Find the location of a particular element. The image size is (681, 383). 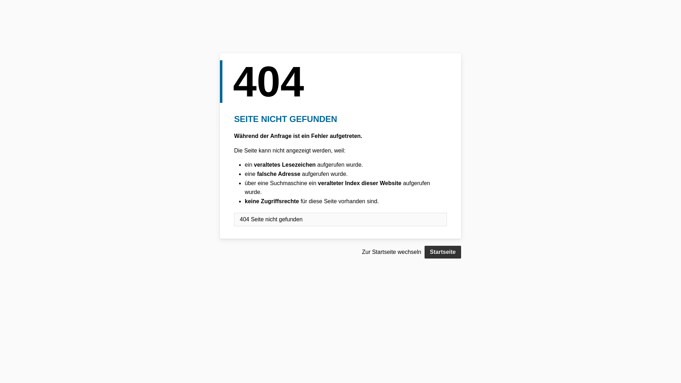

'Startseite' is located at coordinates (442, 251).